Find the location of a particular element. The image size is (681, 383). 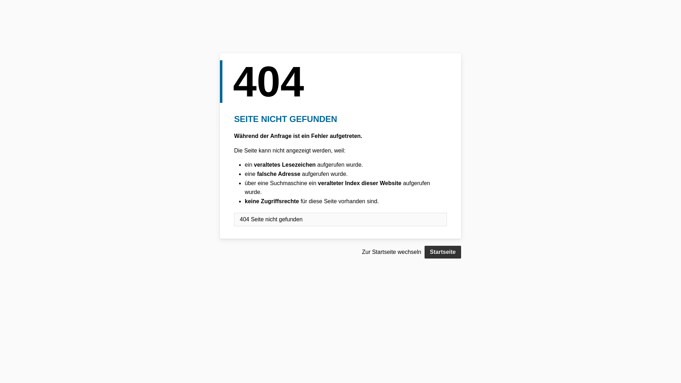

'Startseite' is located at coordinates (442, 251).